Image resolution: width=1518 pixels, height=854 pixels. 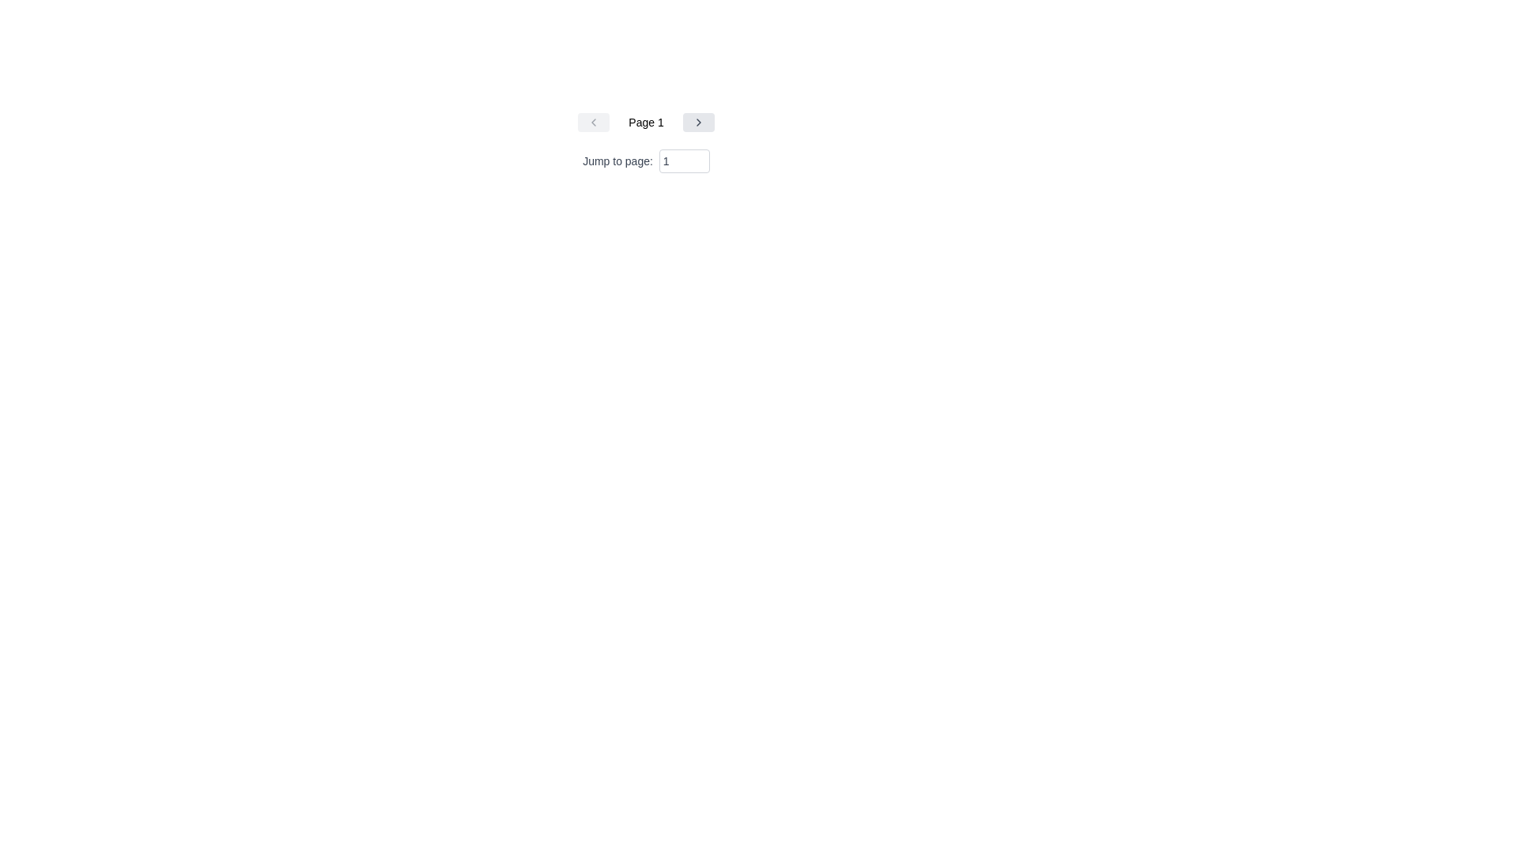 What do you see at coordinates (697, 121) in the screenshot?
I see `the chevron icon located to the right of the 'Page 1' text` at bounding box center [697, 121].